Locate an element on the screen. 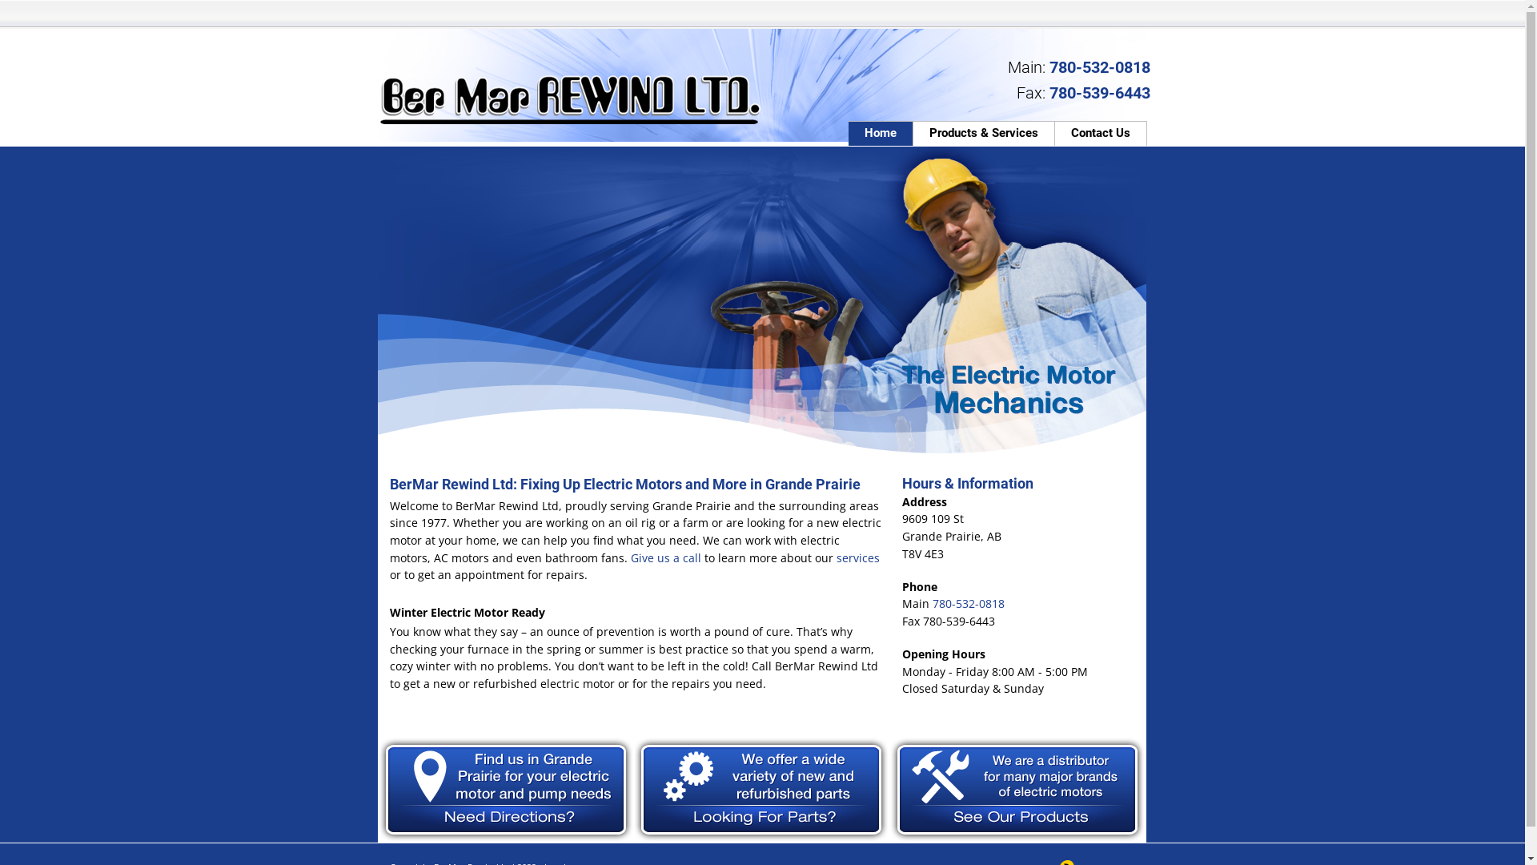 This screenshot has height=865, width=1537. '780-532-0818' is located at coordinates (967, 603).